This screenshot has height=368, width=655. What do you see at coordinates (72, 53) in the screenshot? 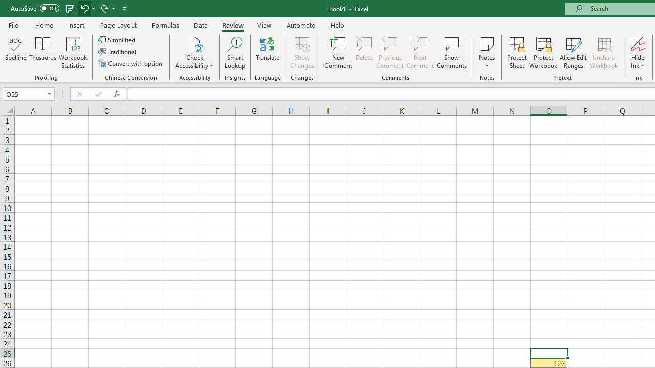
I see `'Workbook Statistics'` at bounding box center [72, 53].